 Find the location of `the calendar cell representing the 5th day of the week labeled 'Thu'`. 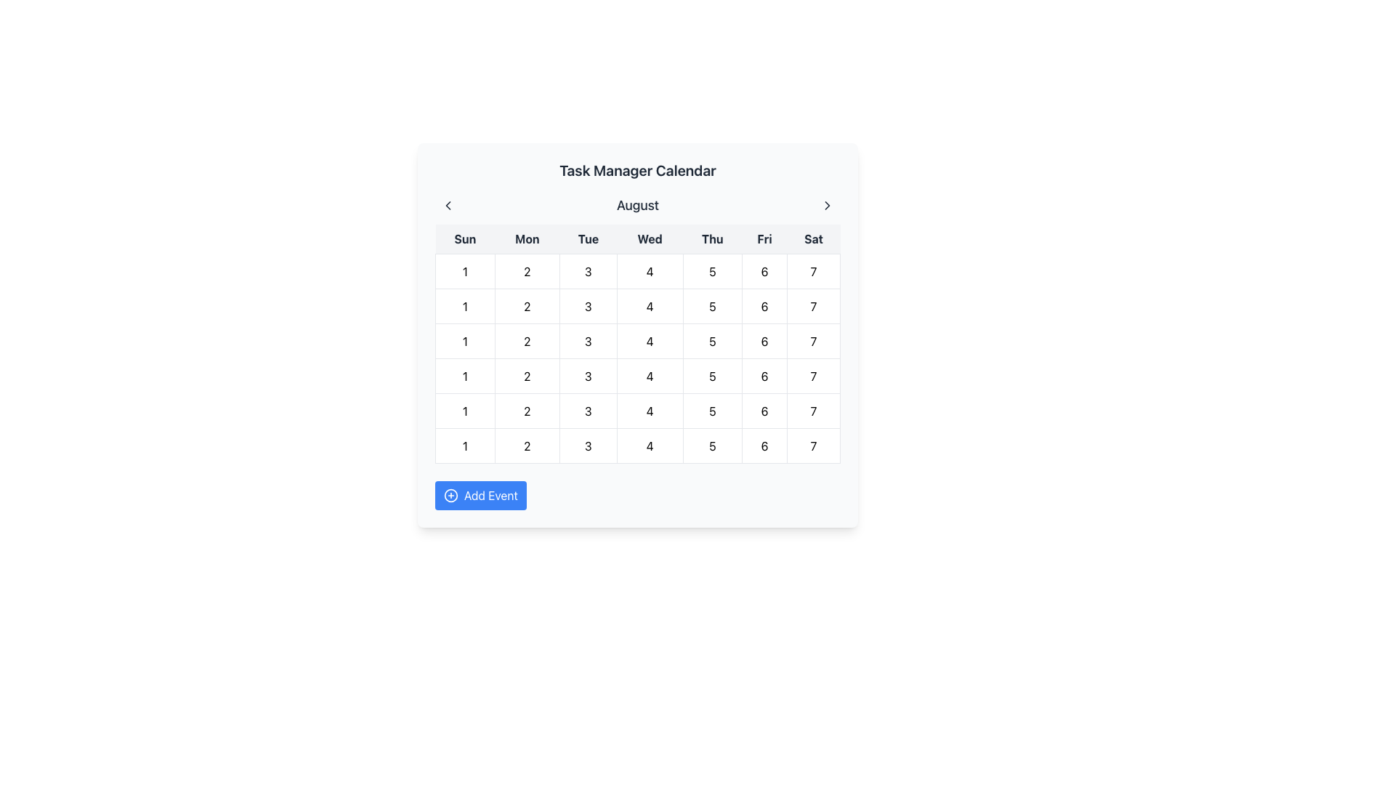

the calendar cell representing the 5th day of the week labeled 'Thu' is located at coordinates (712, 375).